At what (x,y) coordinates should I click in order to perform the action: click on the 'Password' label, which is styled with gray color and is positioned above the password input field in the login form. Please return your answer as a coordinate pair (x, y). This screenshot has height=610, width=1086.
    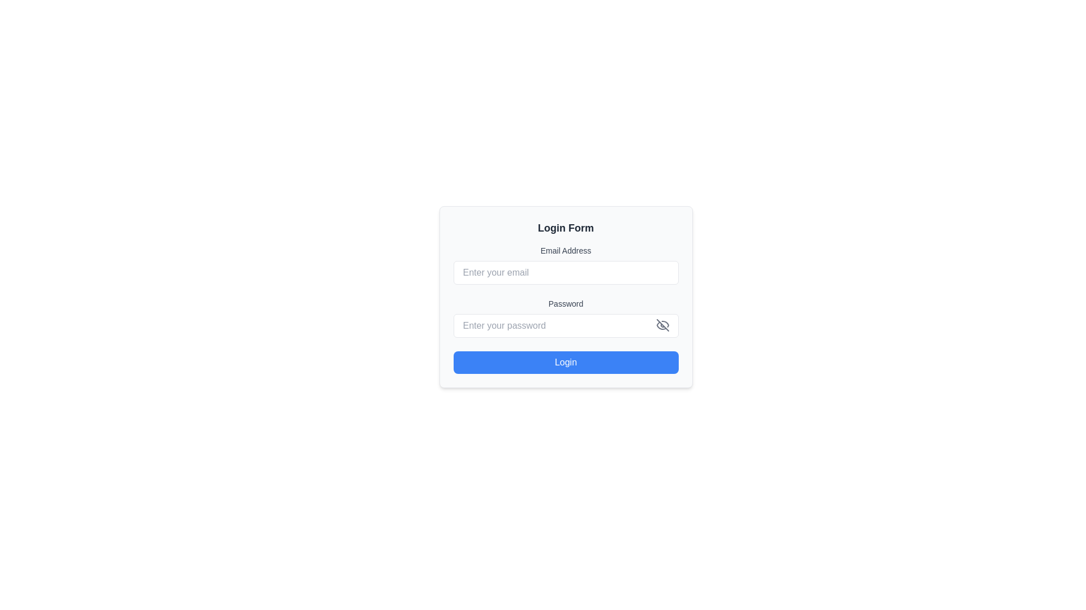
    Looking at the image, I should click on (566, 303).